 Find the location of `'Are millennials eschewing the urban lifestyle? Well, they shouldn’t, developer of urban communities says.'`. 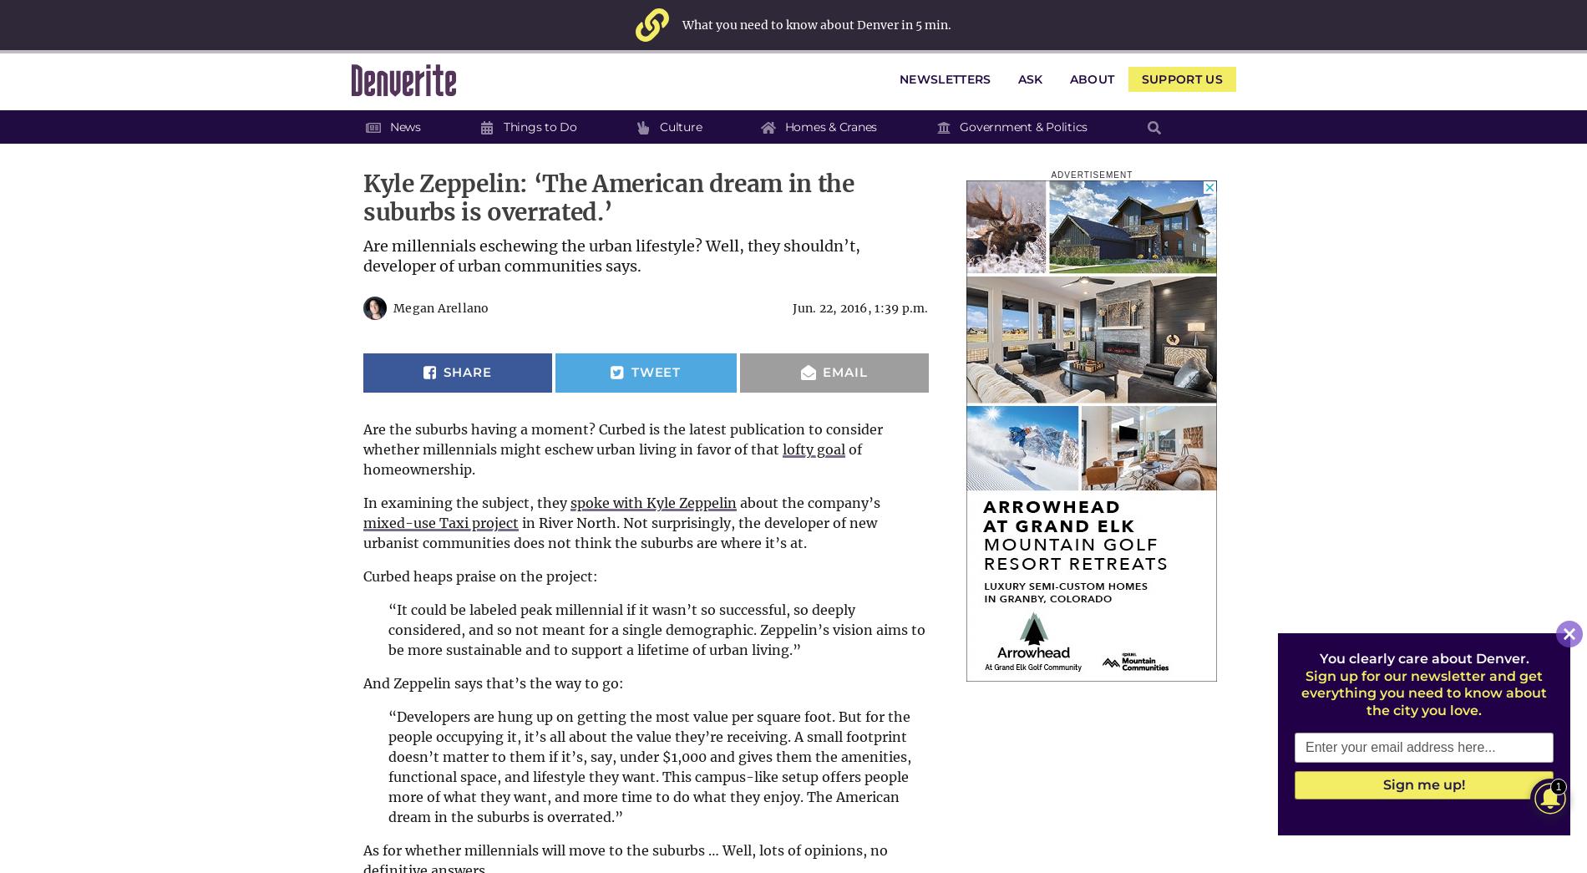

'Are millennials eschewing the urban lifestyle? Well, they shouldn’t, developer of urban communities says.' is located at coordinates (611, 256).